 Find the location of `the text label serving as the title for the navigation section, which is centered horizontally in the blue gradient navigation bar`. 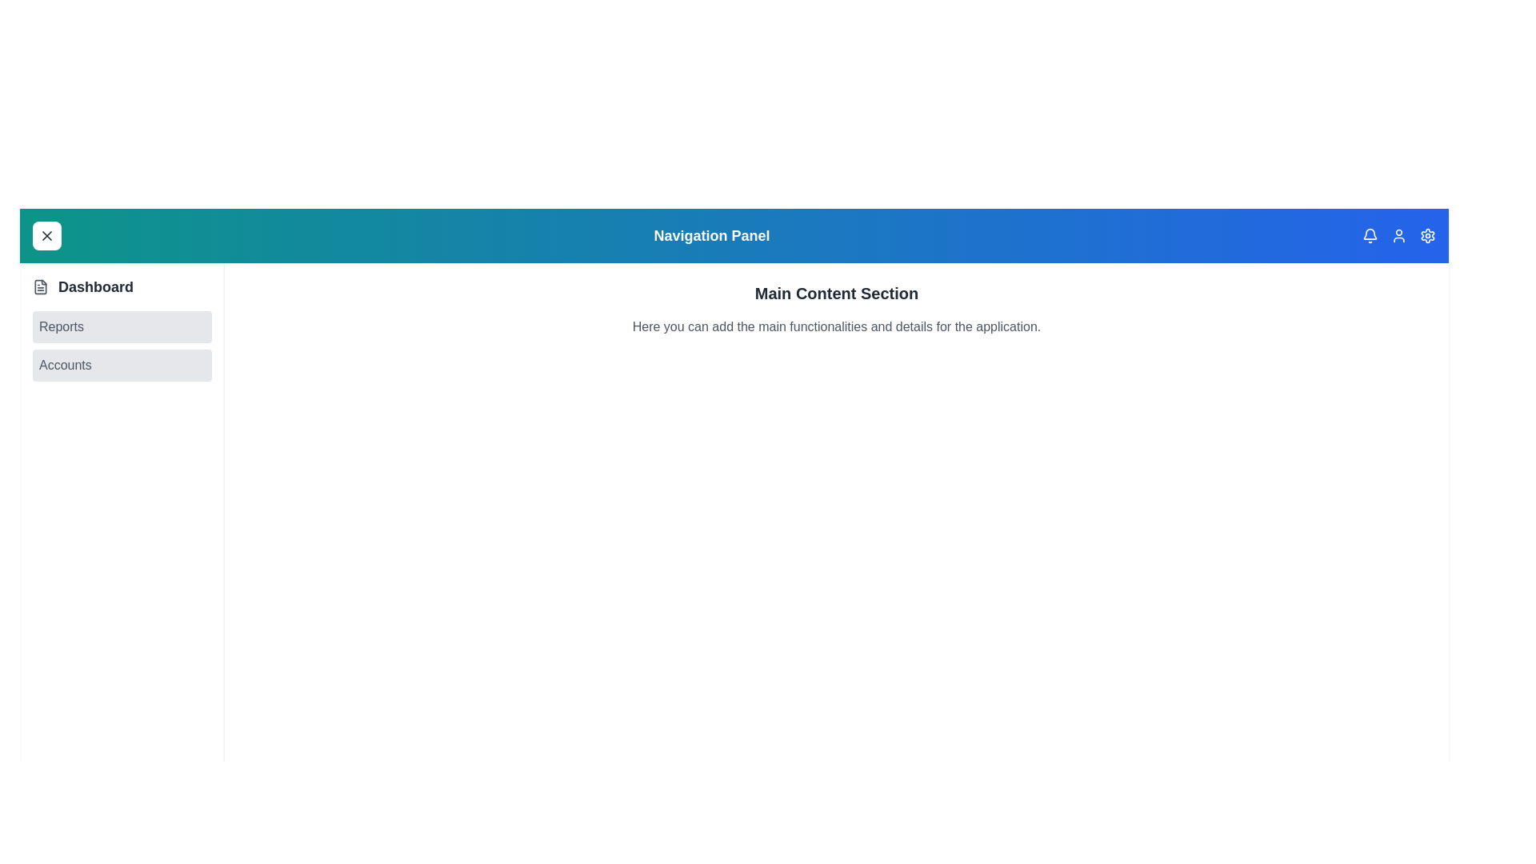

the text label serving as the title for the navigation section, which is centered horizontally in the blue gradient navigation bar is located at coordinates (710, 235).